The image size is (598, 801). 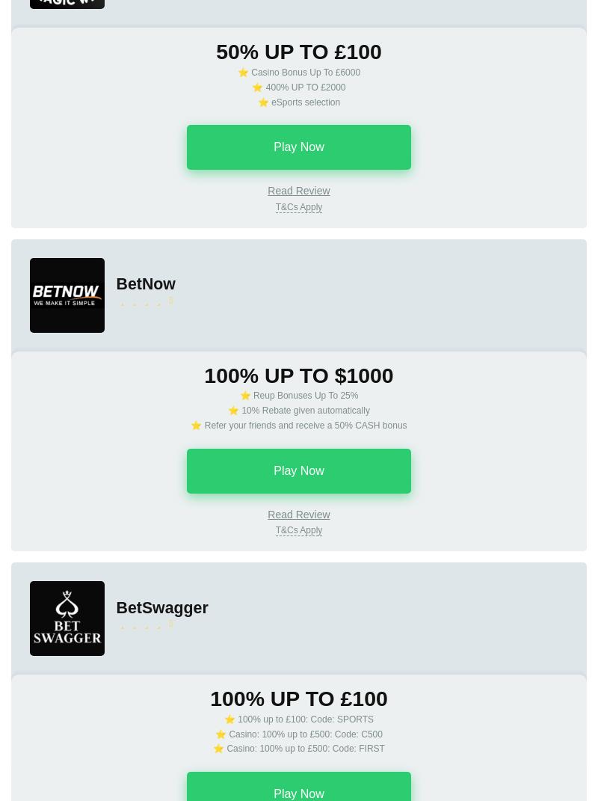 What do you see at coordinates (298, 394) in the screenshot?
I see `'⭐ Reup Bonuses Up To 25%'` at bounding box center [298, 394].